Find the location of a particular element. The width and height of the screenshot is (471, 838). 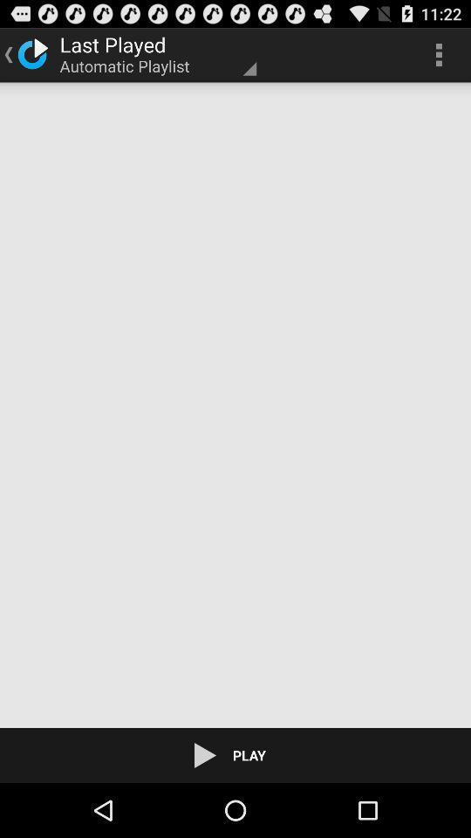

app to the right of automatic playlist app is located at coordinates (438, 54).